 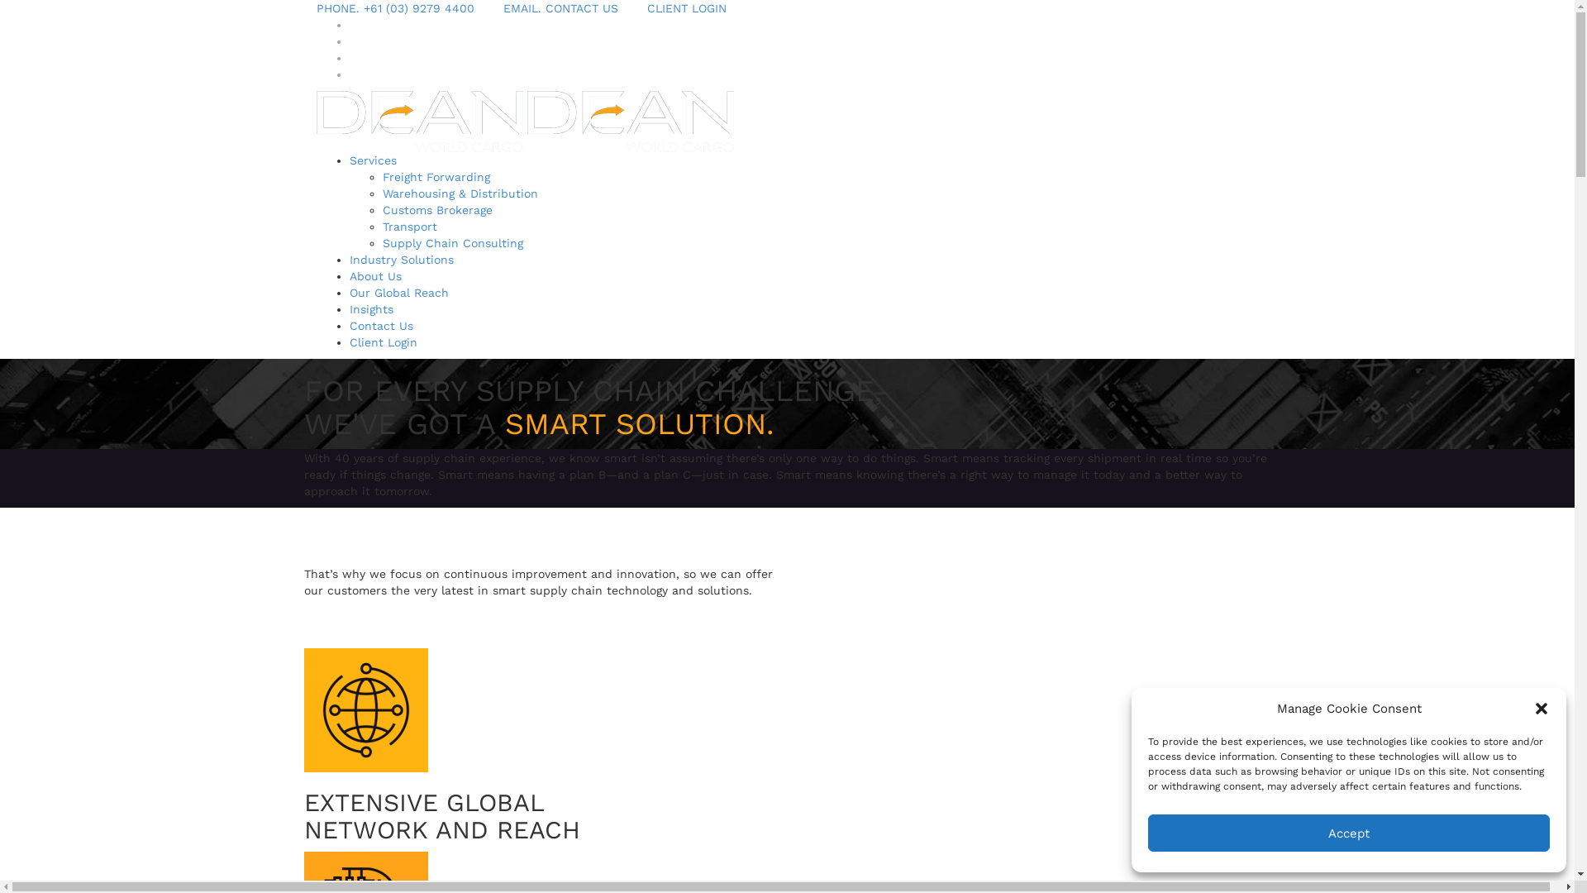 What do you see at coordinates (400, 259) in the screenshot?
I see `'Industry Solutions'` at bounding box center [400, 259].